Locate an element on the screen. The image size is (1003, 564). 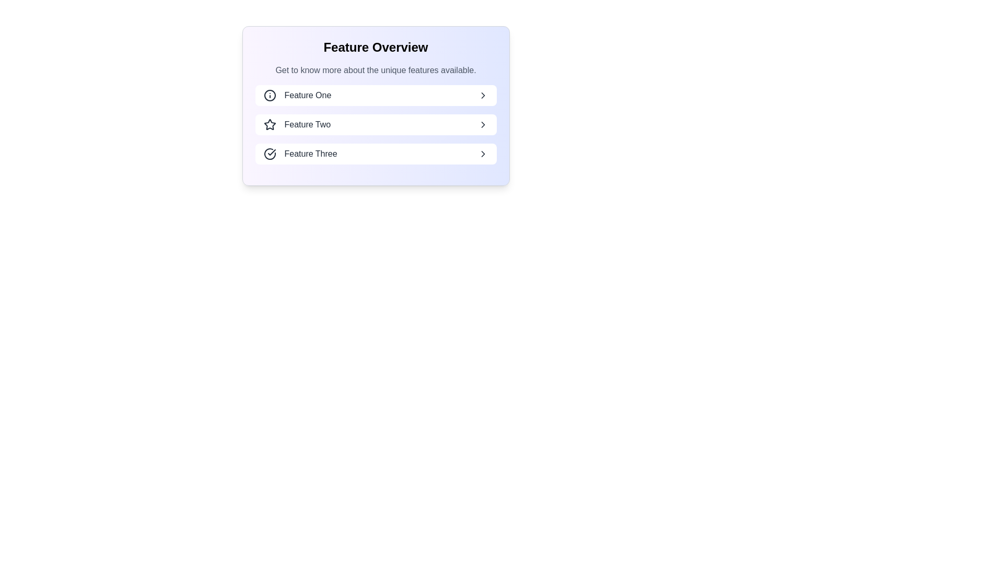
the right-chevron icon located in the rightmost section of the 'Feature Two' card is located at coordinates (482, 124).